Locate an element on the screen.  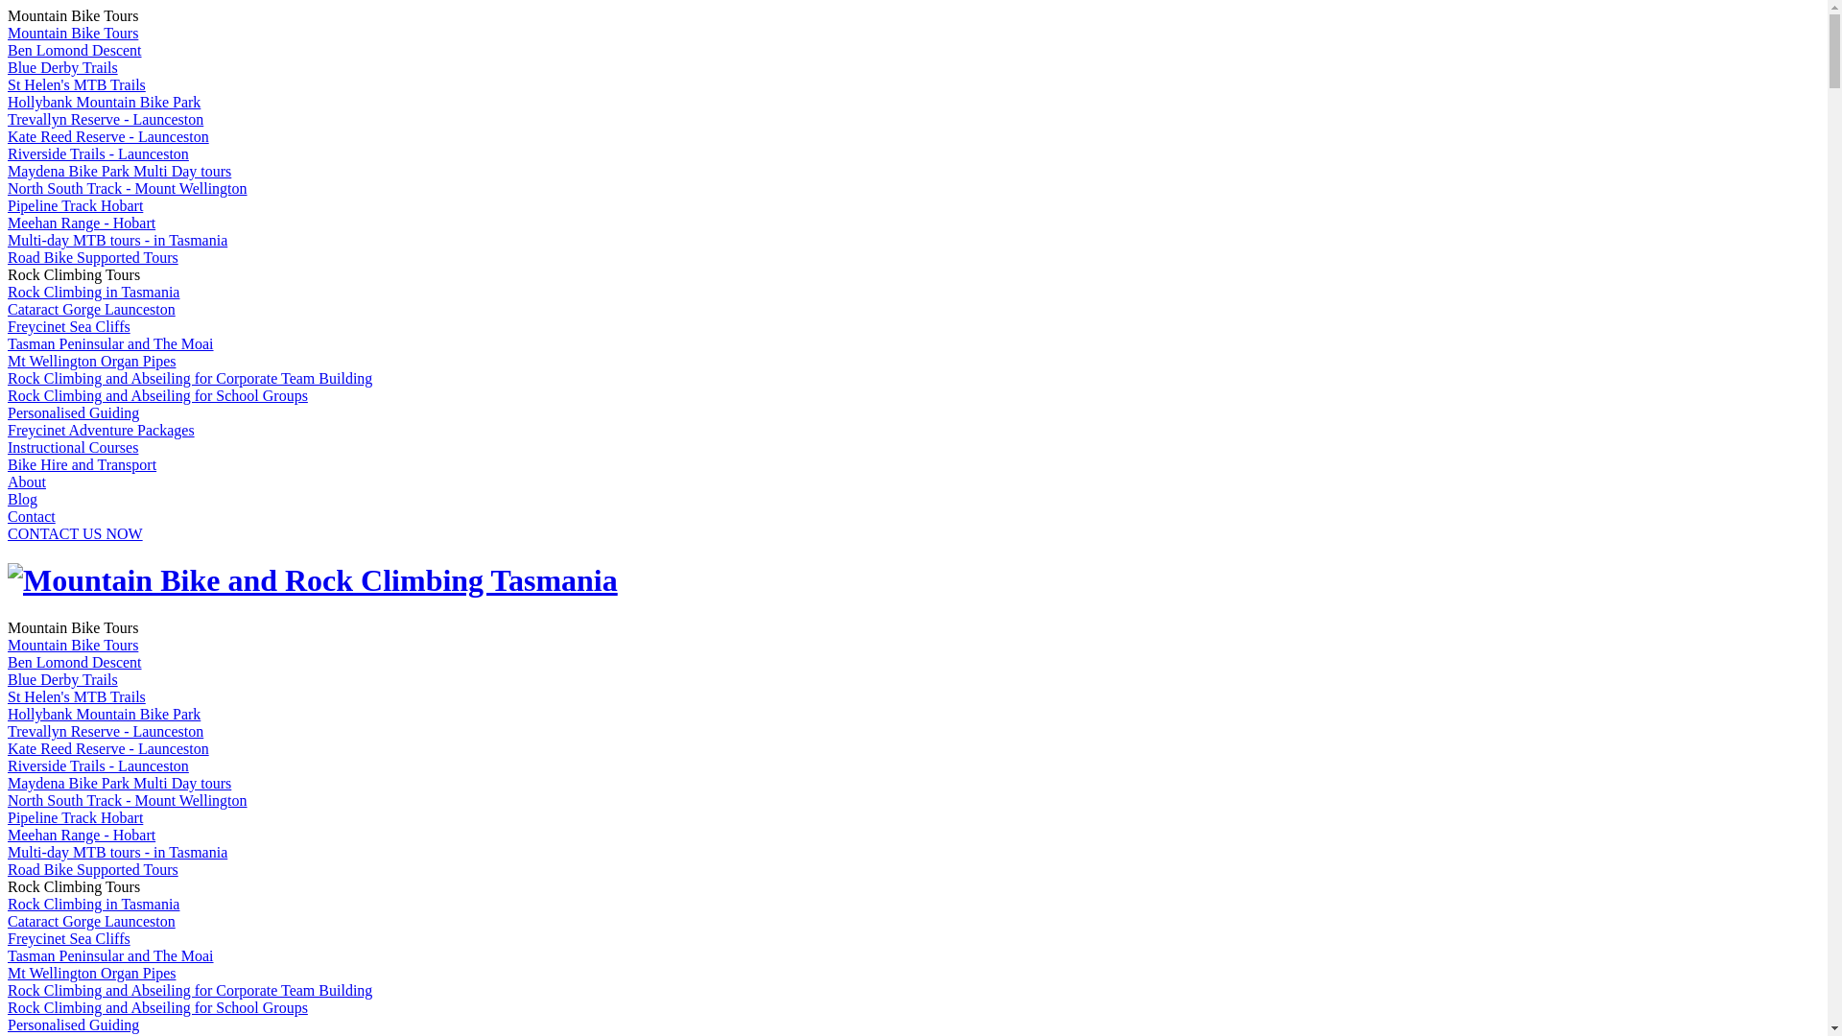
'Bike Hire and Transport' is located at coordinates (81, 464).